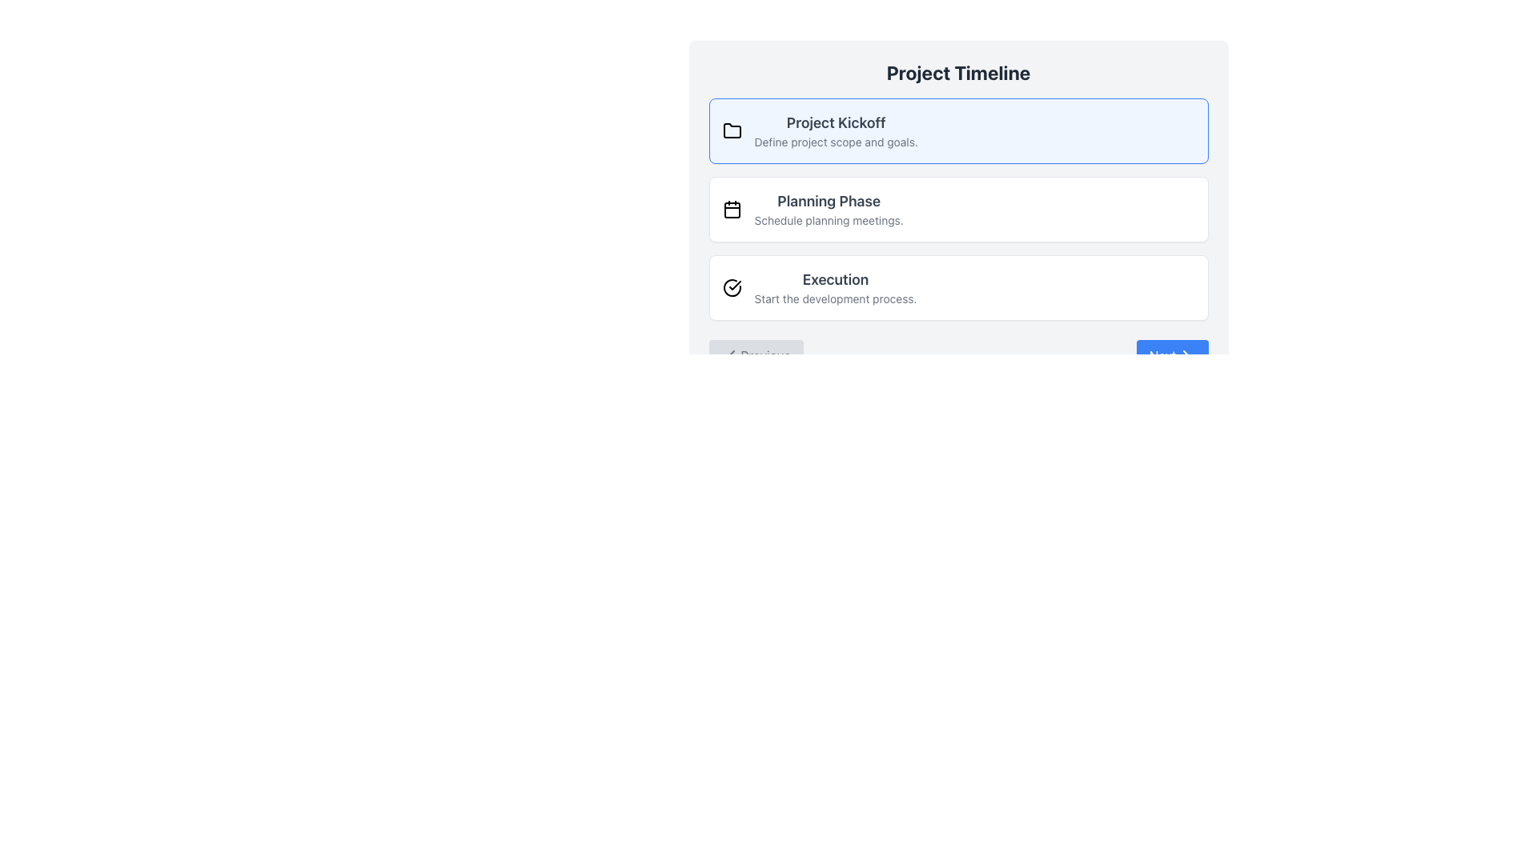  Describe the element at coordinates (835, 122) in the screenshot. I see `the text label that serves as the title for the project stage, located above the 'Define project scope and goals.' text element in the project timeline section` at that location.